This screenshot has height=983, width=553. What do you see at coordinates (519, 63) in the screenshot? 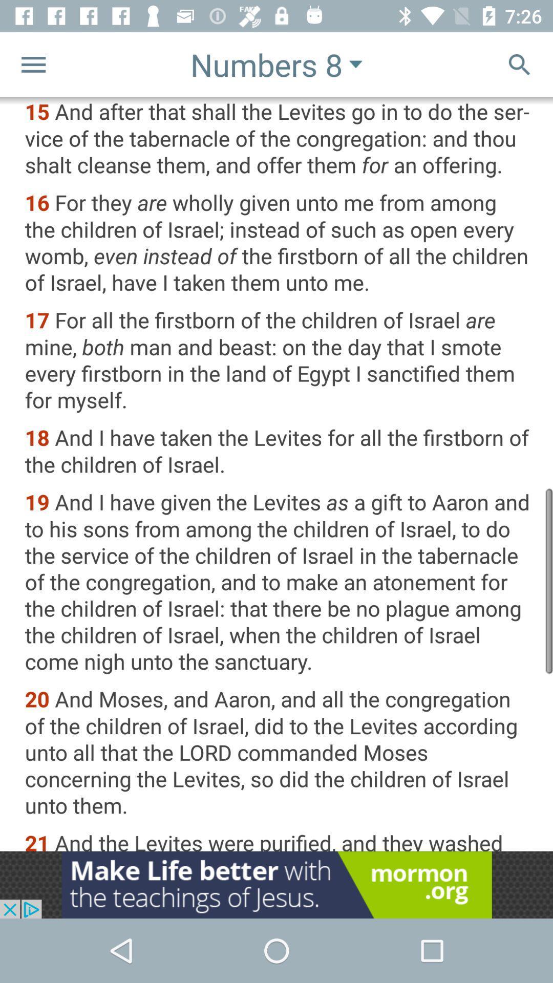
I see `the search icon` at bounding box center [519, 63].